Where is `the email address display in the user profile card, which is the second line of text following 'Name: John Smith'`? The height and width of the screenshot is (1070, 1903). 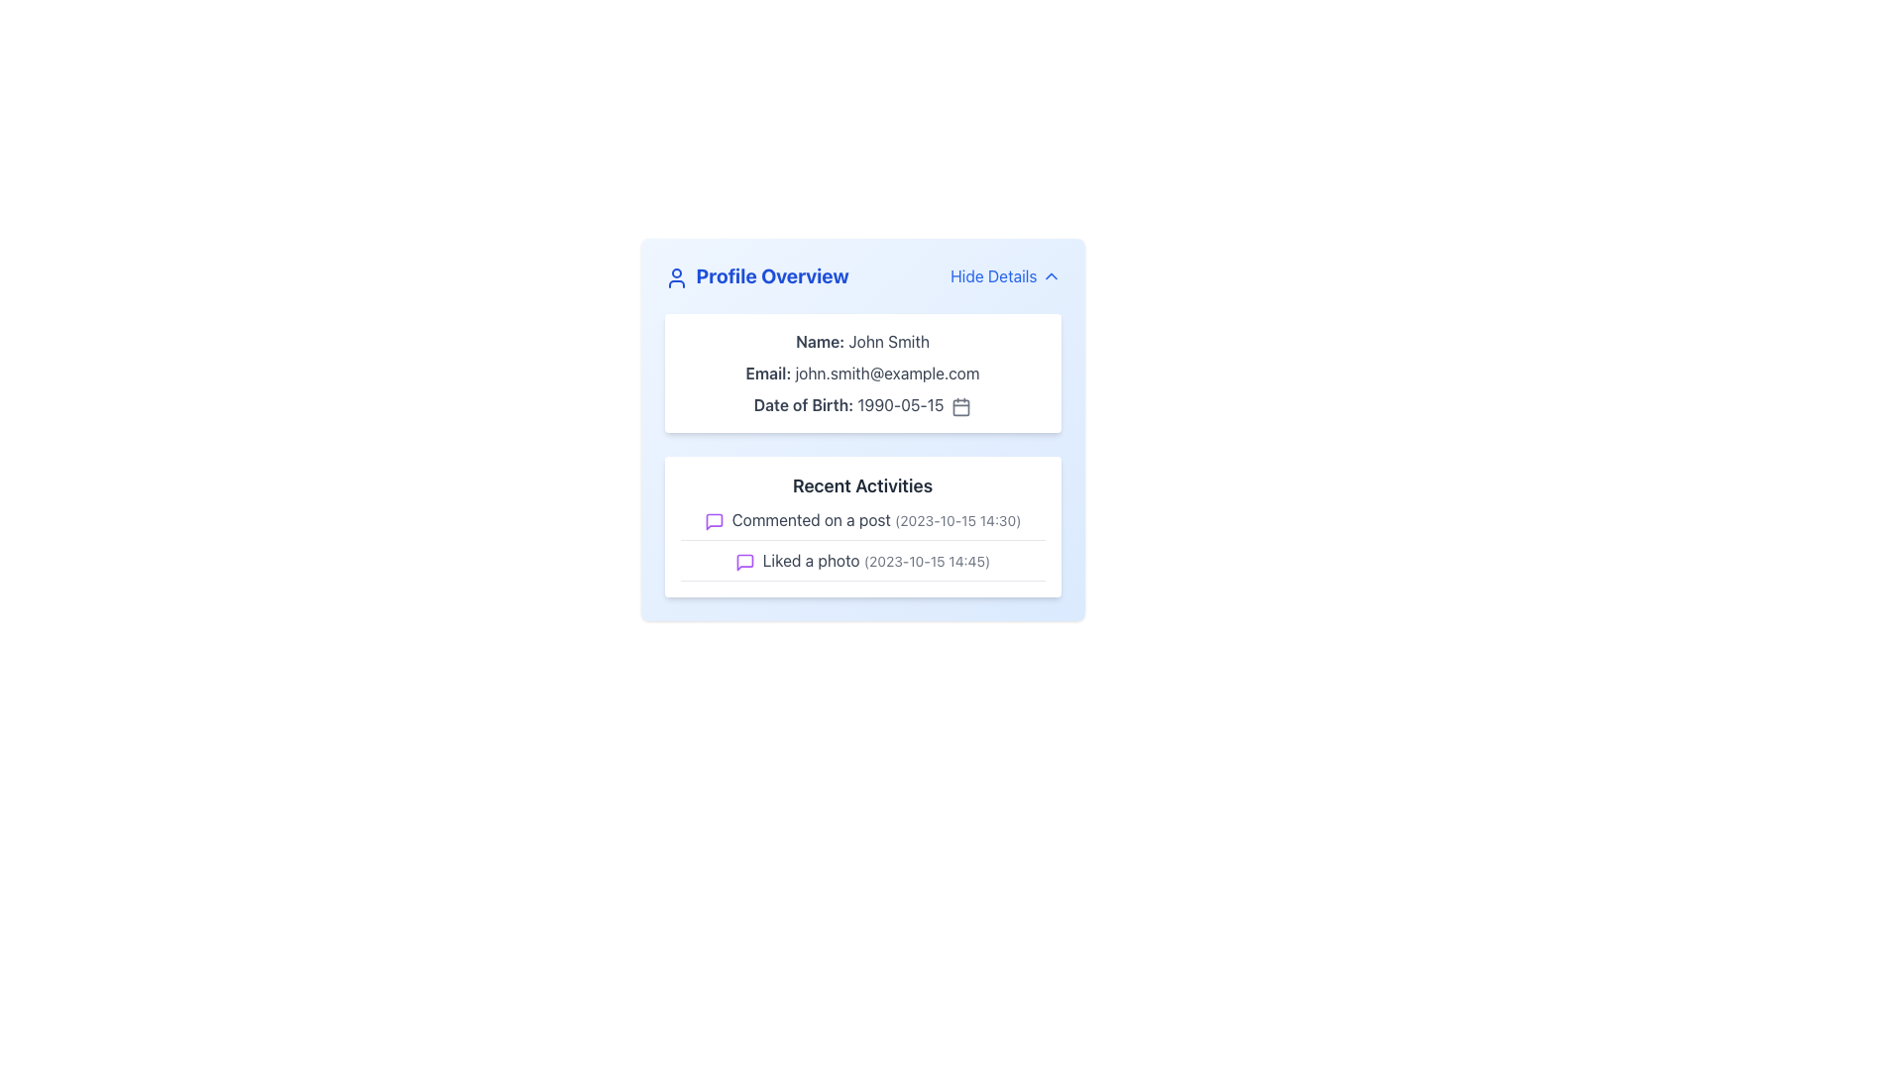 the email address display in the user profile card, which is the second line of text following 'Name: John Smith' is located at coordinates (862, 374).